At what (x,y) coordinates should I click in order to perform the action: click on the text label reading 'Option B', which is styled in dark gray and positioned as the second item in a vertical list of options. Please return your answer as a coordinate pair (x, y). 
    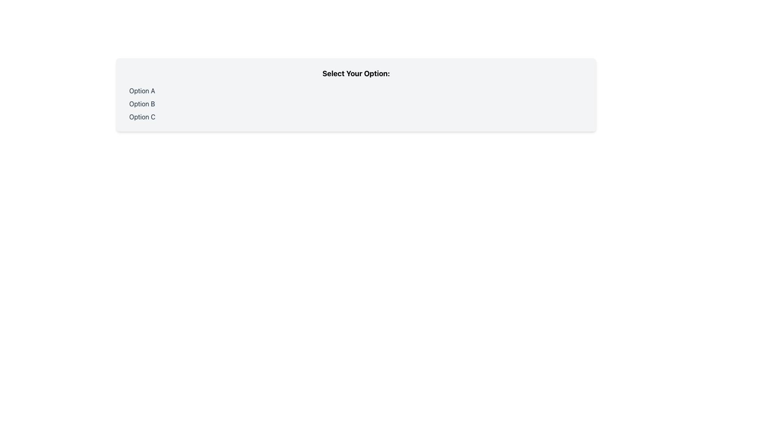
    Looking at the image, I should click on (142, 103).